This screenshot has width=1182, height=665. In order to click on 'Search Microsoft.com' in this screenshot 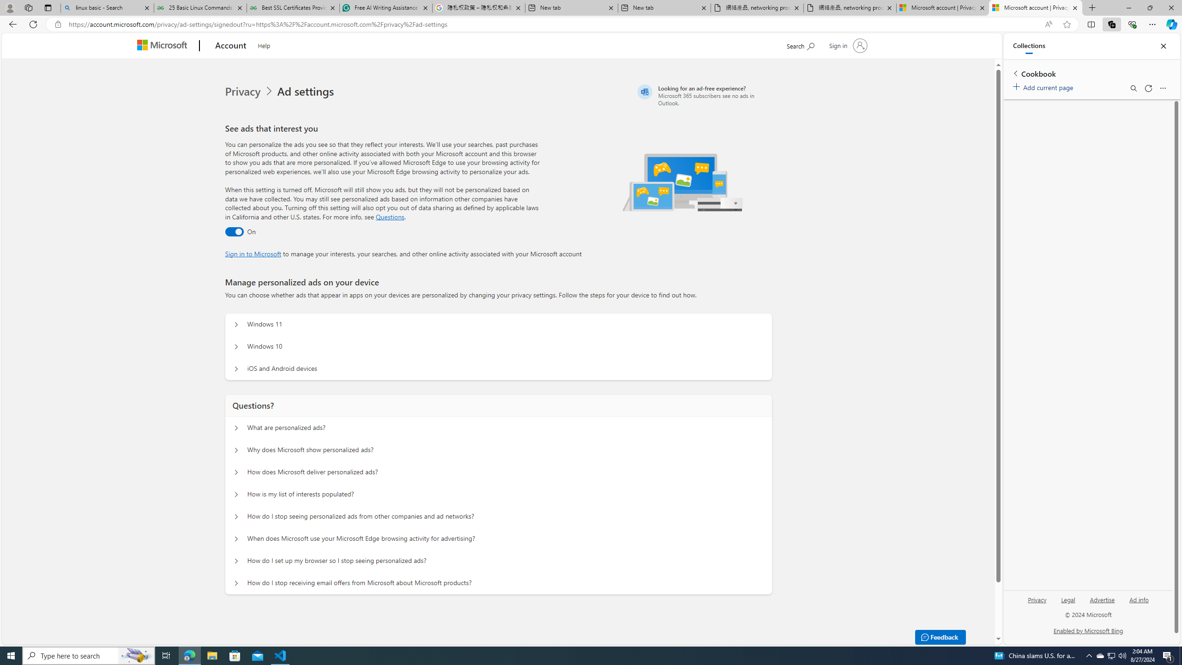, I will do `click(800, 44)`.